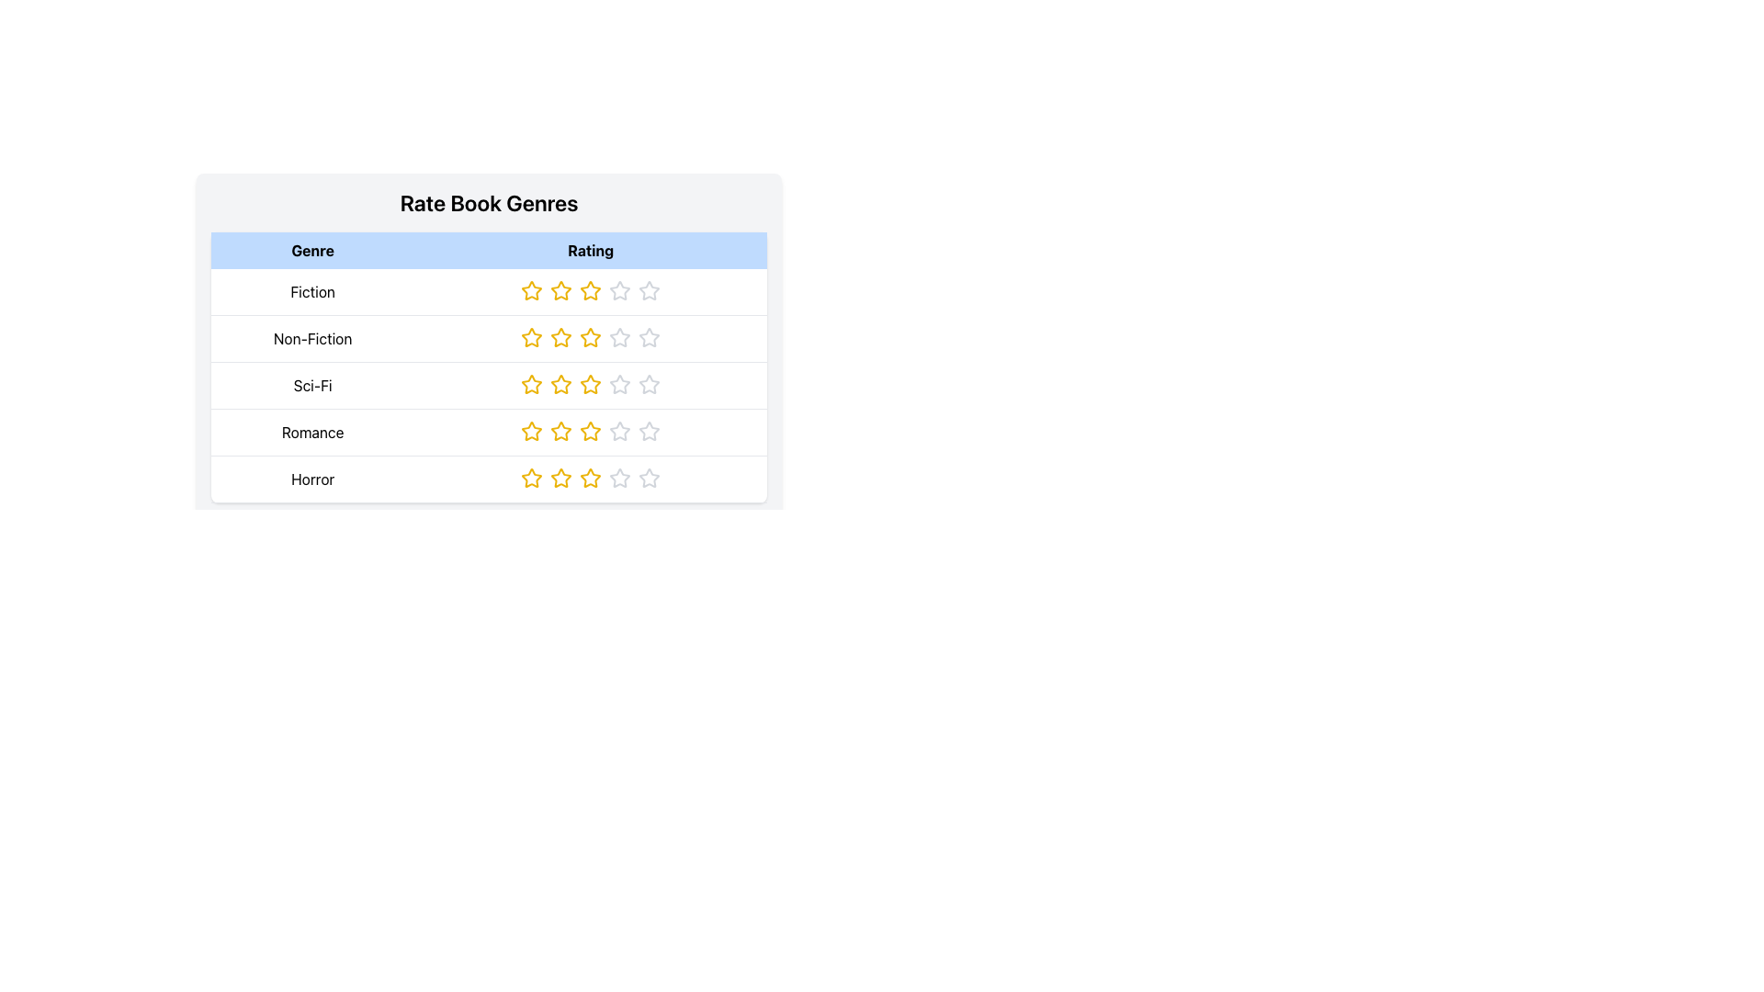 Image resolution: width=1764 pixels, height=992 pixels. Describe the element at coordinates (591, 432) in the screenshot. I see `the third star icon in the fourth row labeled 'Romance' under the 'Rating' column to provide a rating` at that location.